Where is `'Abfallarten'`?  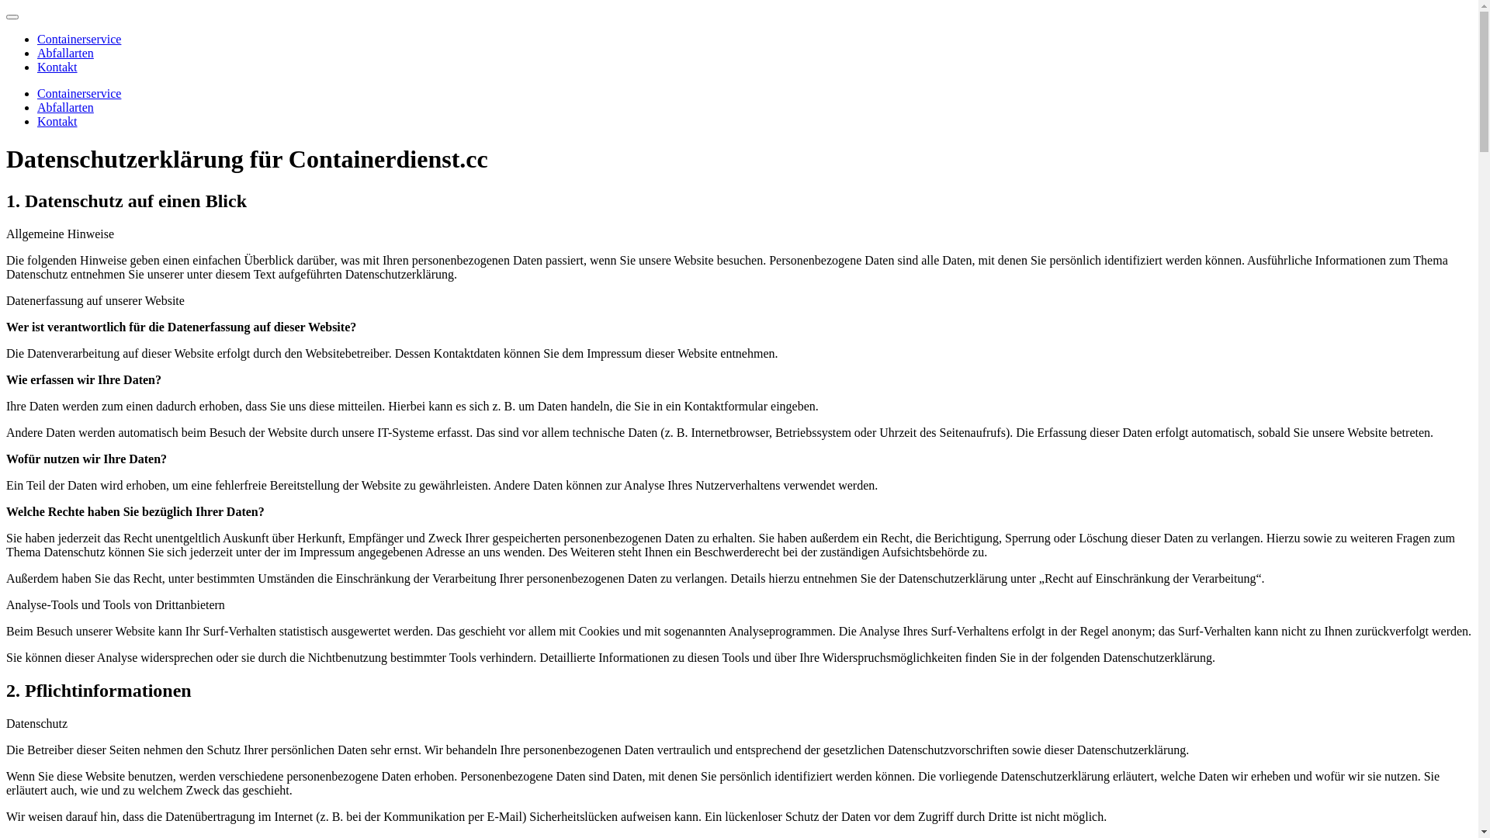 'Abfallarten' is located at coordinates (64, 52).